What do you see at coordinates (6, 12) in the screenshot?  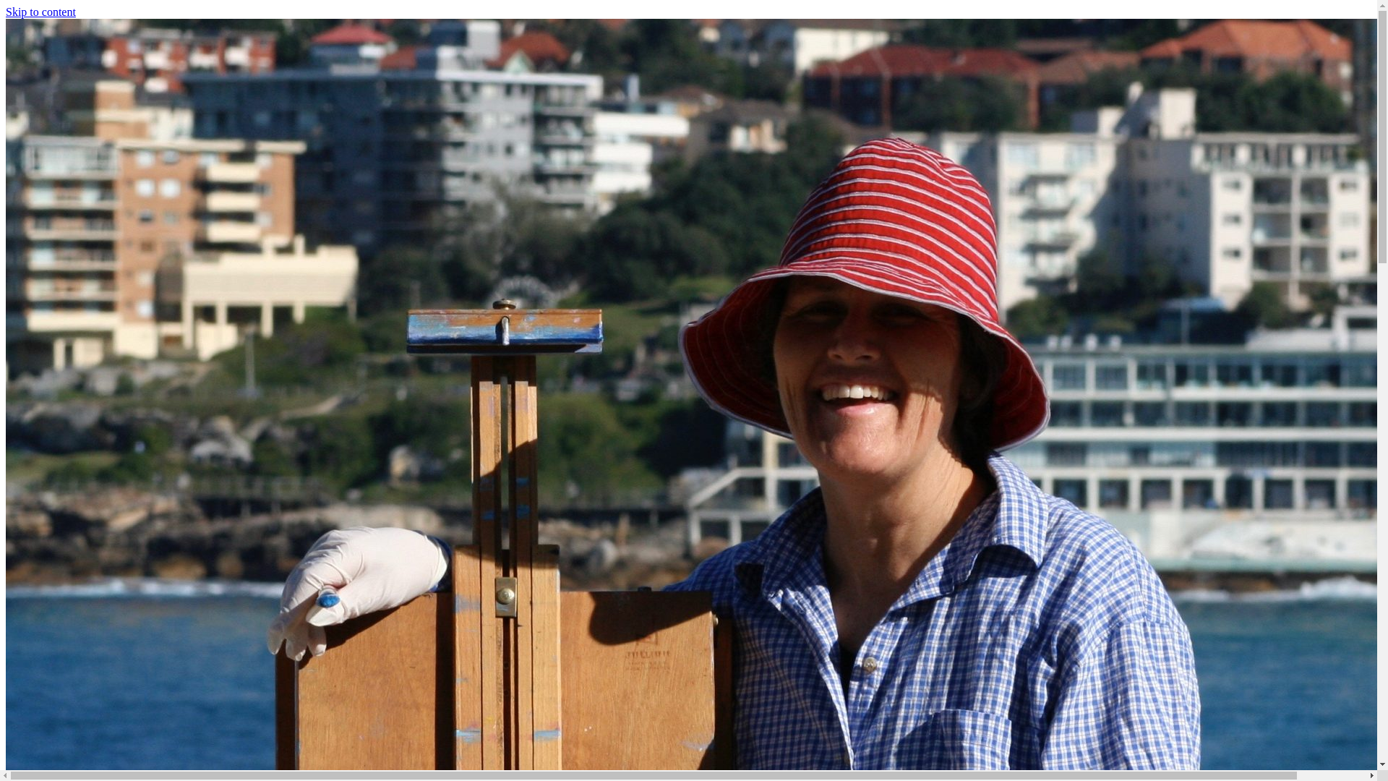 I see `'Skip to content'` at bounding box center [6, 12].